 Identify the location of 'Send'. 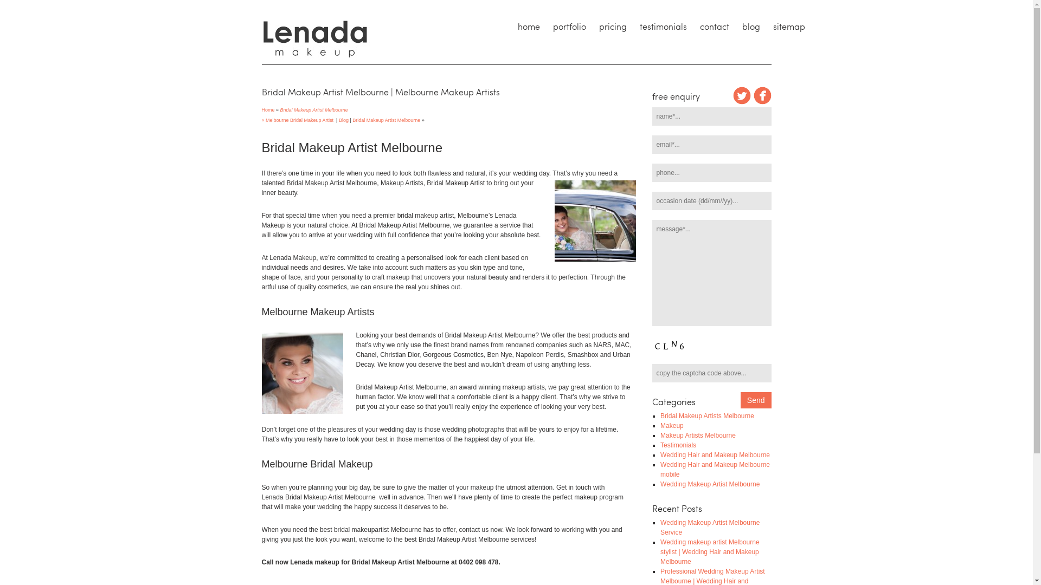
(755, 400).